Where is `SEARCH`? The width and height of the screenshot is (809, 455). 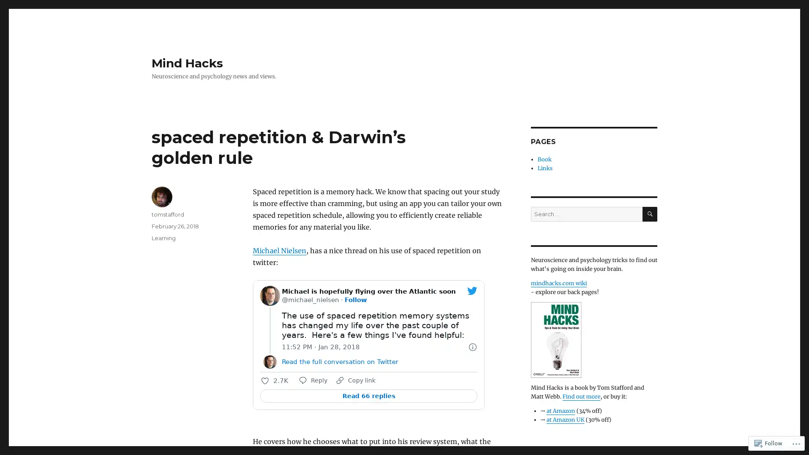
SEARCH is located at coordinates (649, 214).